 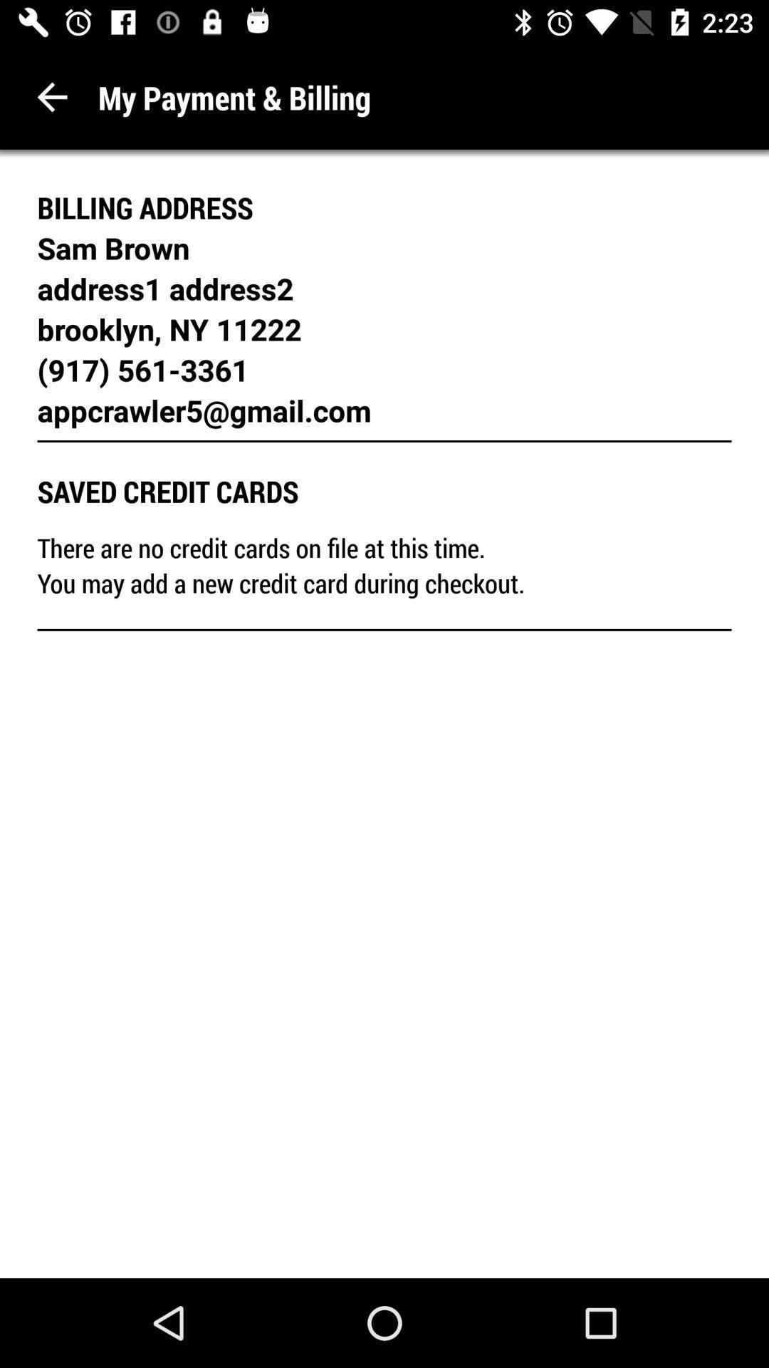 I want to click on the icon to the left of the my payment & billing, so click(x=51, y=96).